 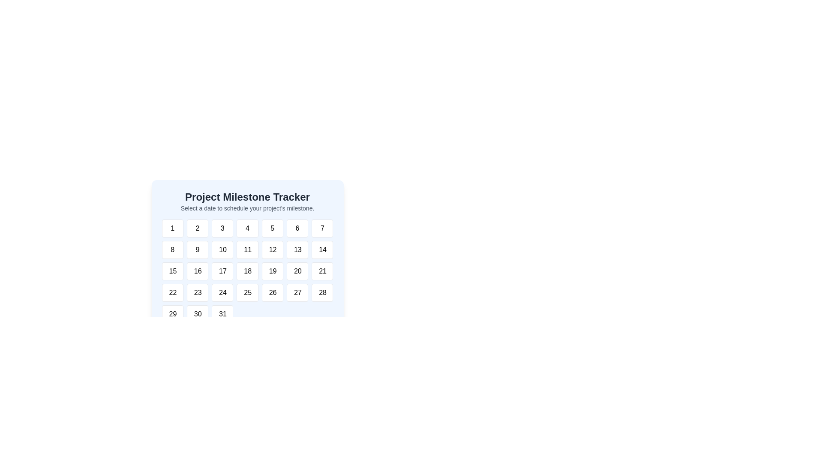 I want to click on the selectable date button for '13', so click(x=297, y=250).